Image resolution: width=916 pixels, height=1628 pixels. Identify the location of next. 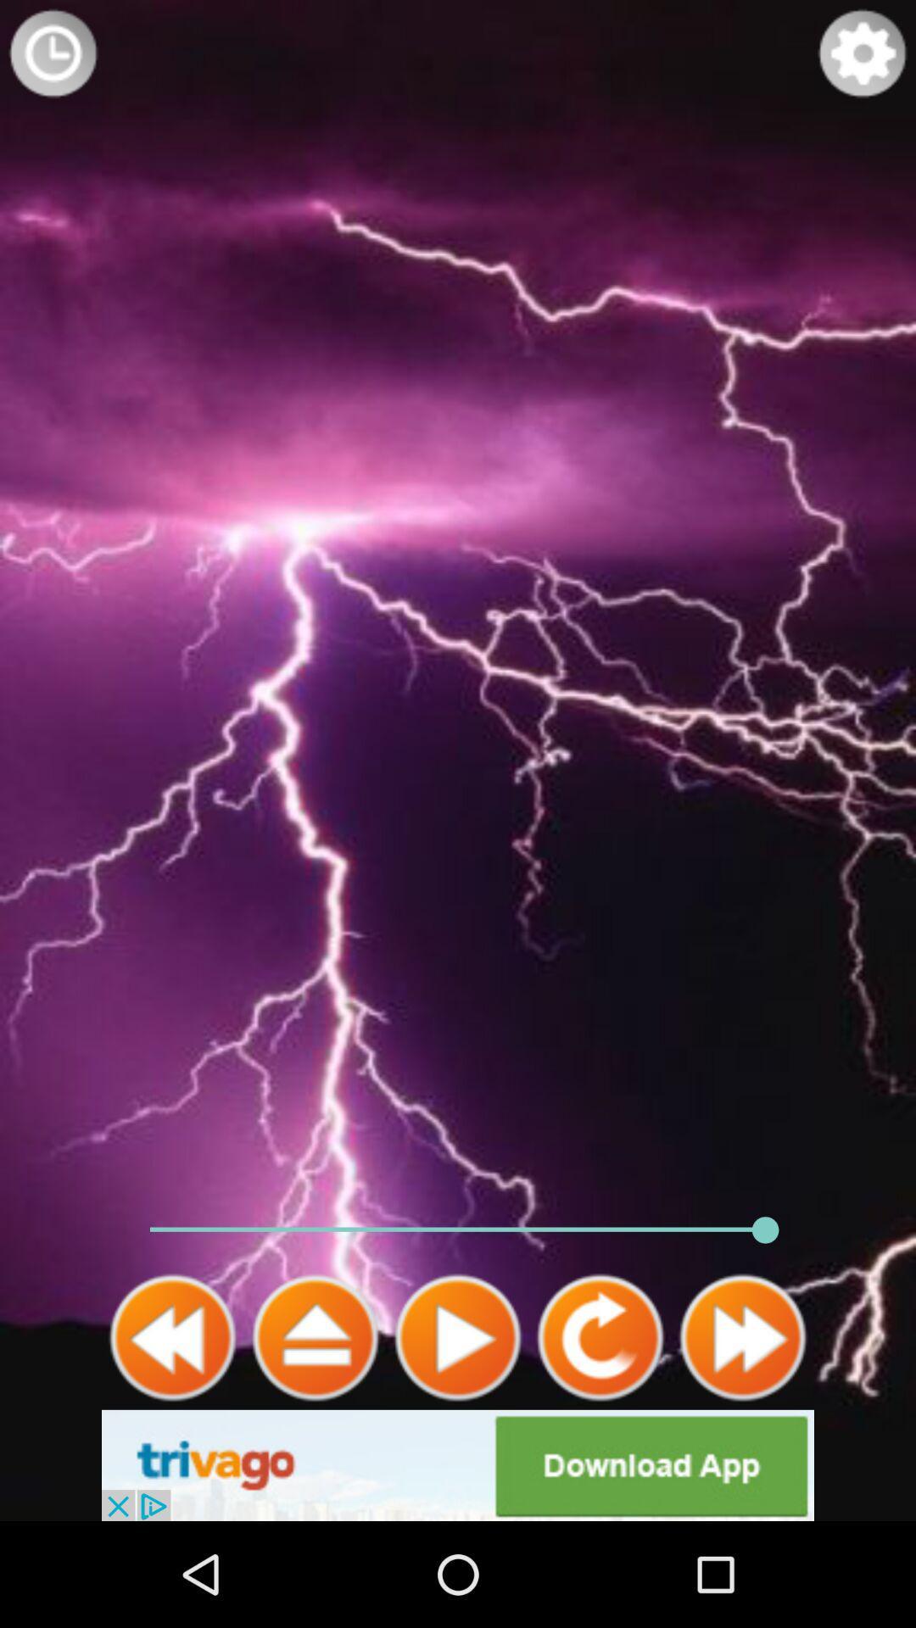
(741, 1337).